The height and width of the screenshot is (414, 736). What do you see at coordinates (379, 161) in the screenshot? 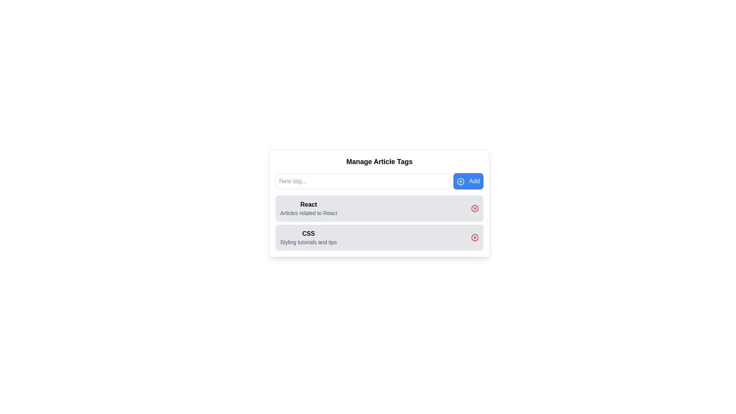
I see `the title label at the top center of the card interface, which indicates the purpose of the section below it` at bounding box center [379, 161].